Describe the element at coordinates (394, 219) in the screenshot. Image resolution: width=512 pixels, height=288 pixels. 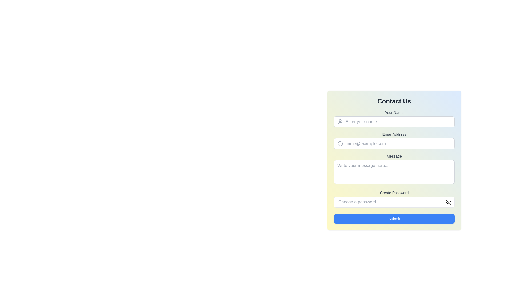
I see `the 'Submit' button, which is a rectangular button with a blue background and white text, located at the bottom of the form below the 'Create Password' field` at that location.